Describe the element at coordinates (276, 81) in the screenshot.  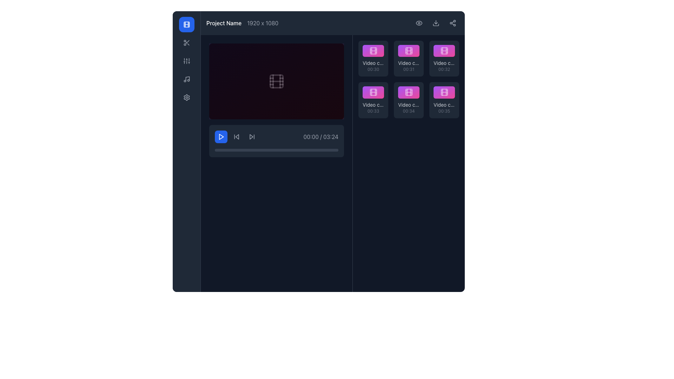
I see `the decorative component inside the SVG graphic that resembles a filmstrip, located in the upper left section of the interface` at that location.